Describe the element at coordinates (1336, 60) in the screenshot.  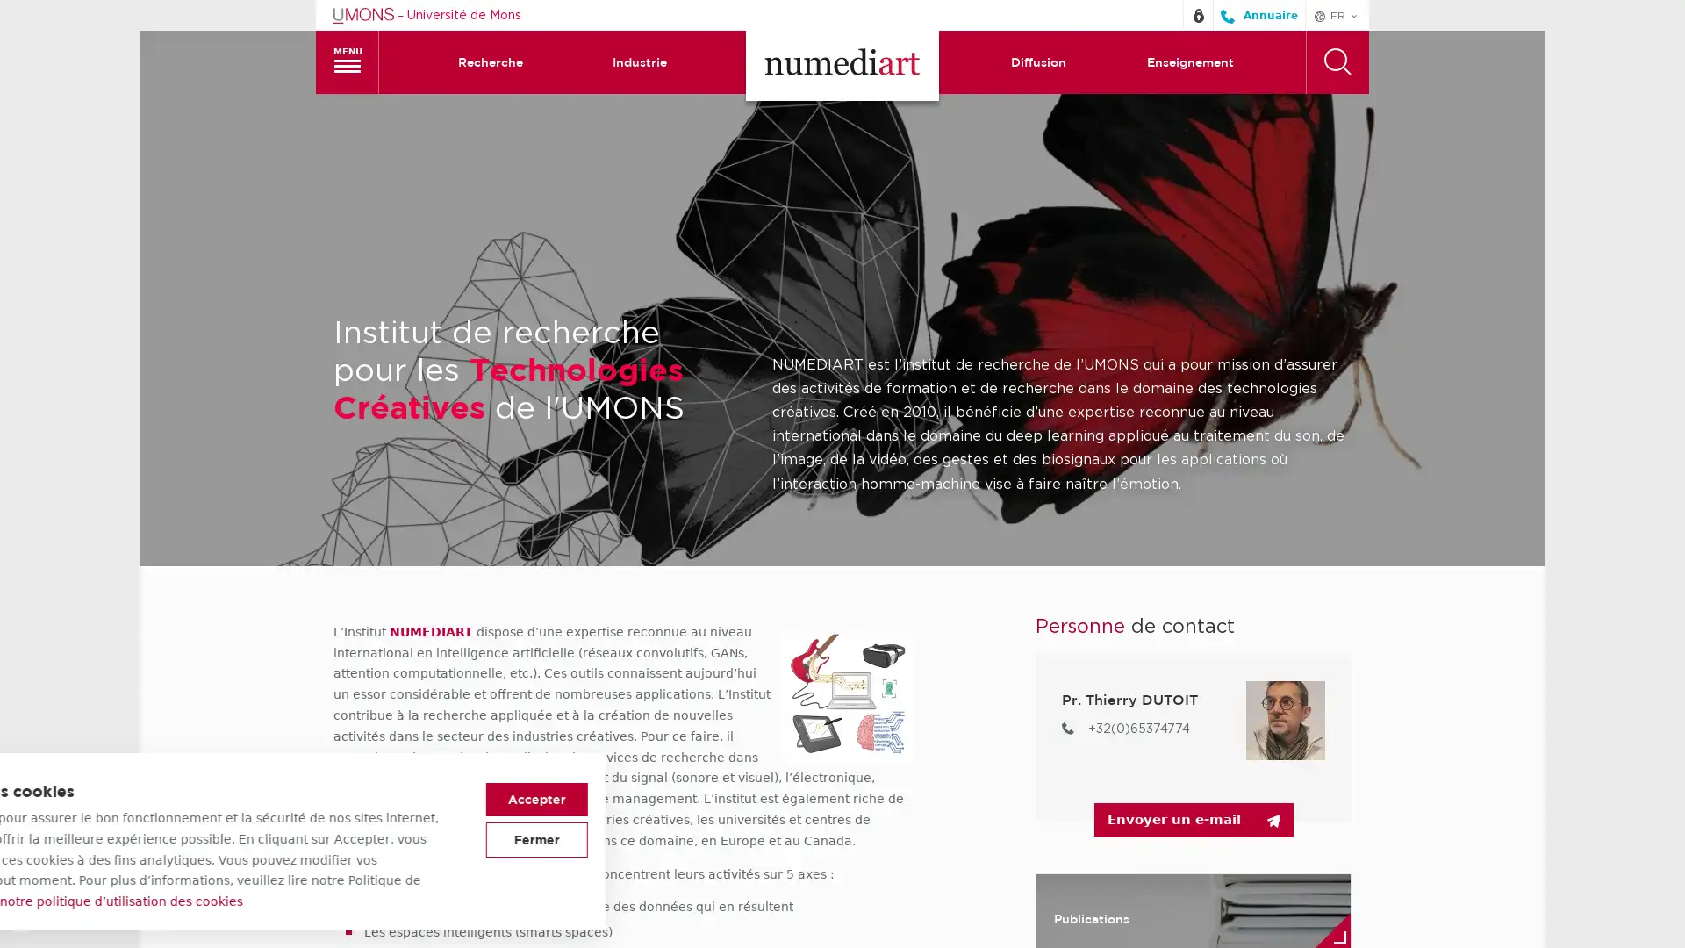
I see `Rechercher` at that location.